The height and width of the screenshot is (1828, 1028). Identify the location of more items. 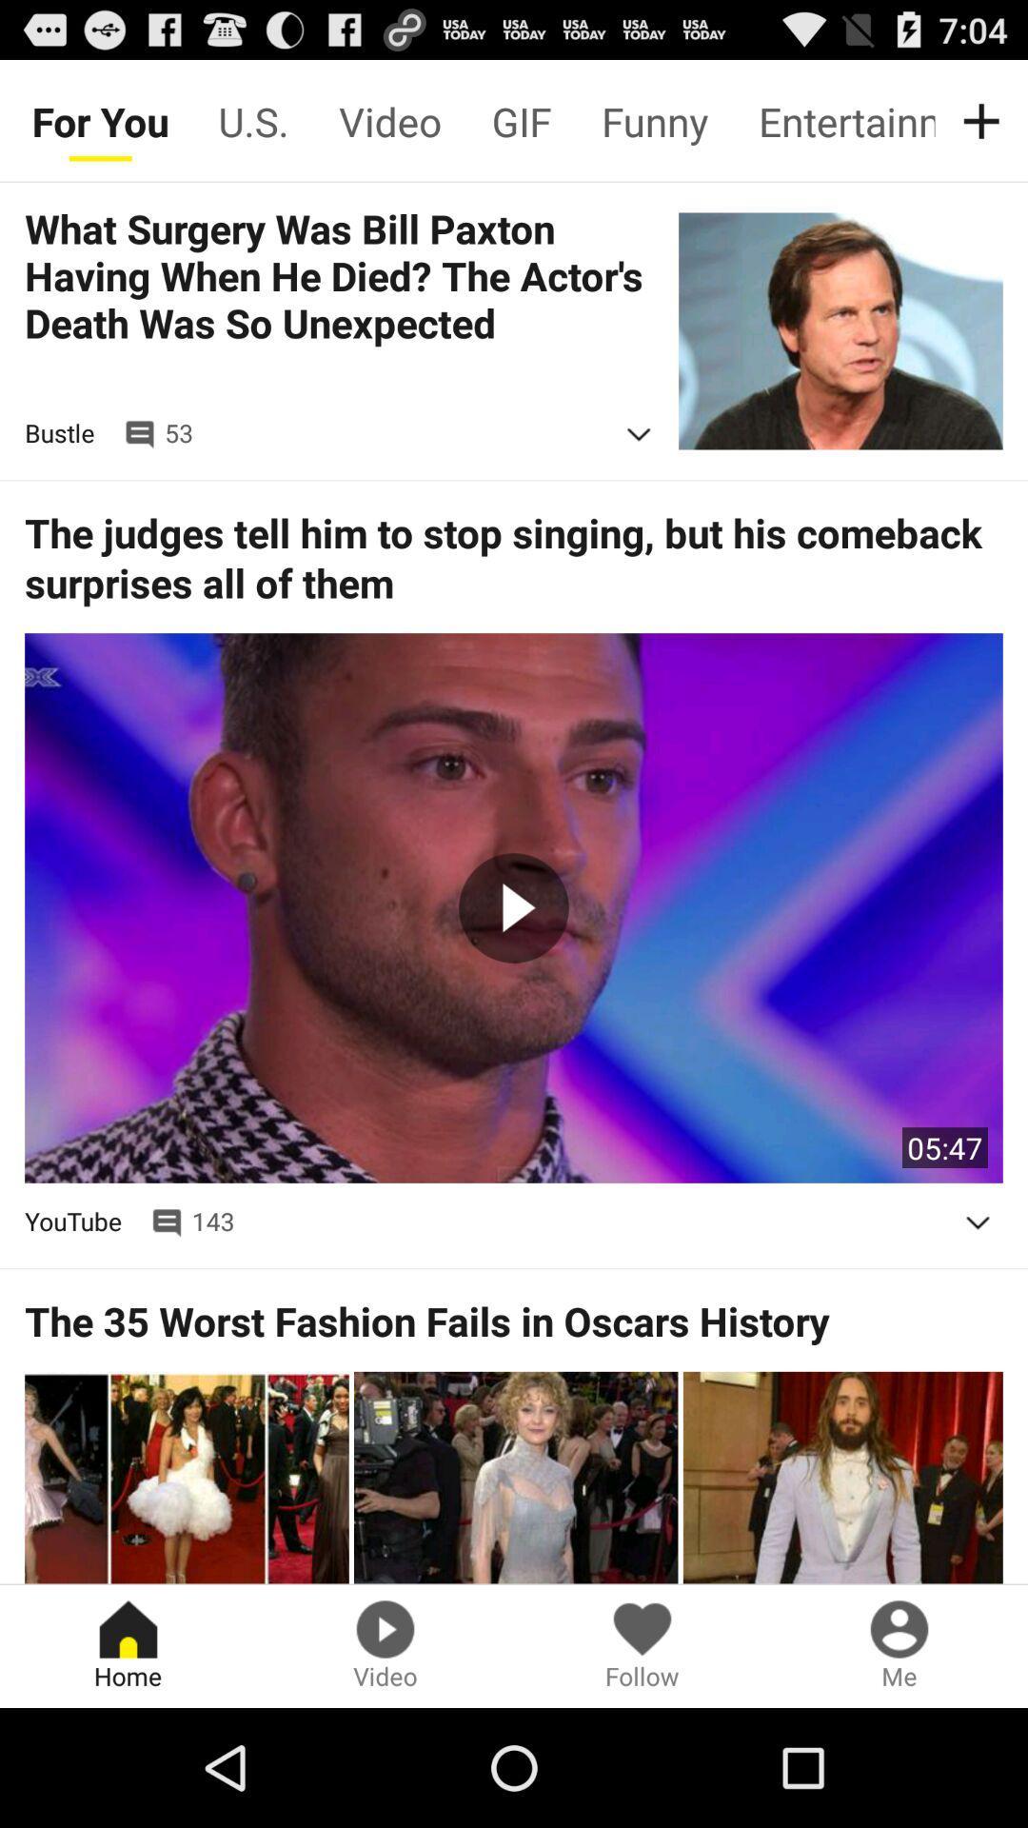
(985, 120).